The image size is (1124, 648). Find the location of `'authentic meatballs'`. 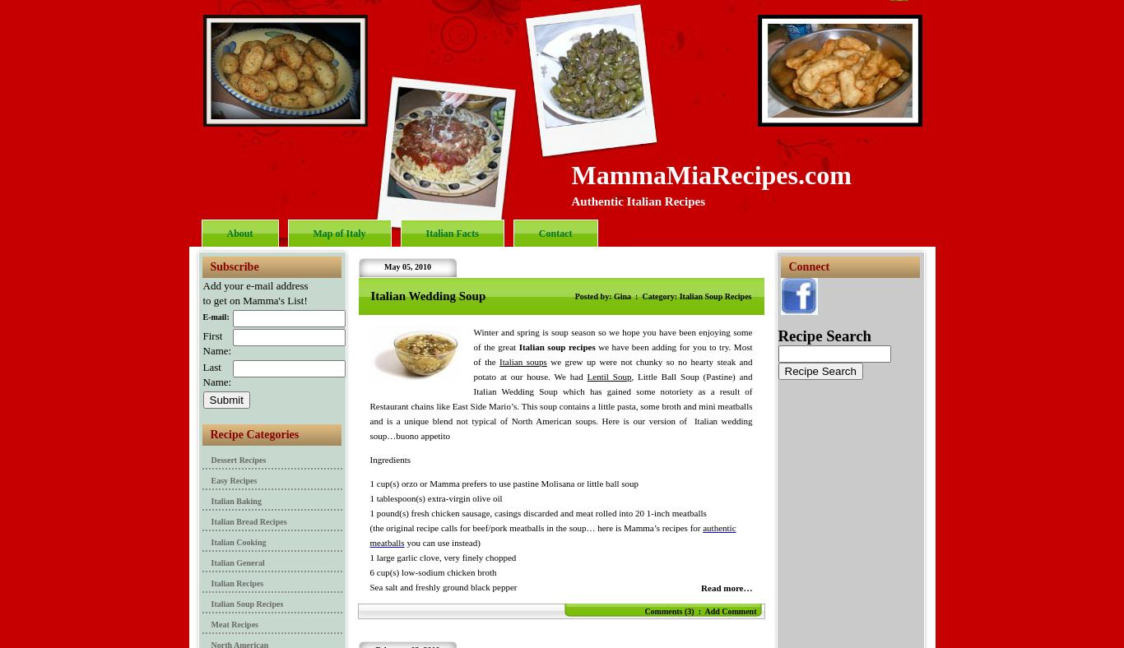

'authentic meatballs' is located at coordinates (551, 534).